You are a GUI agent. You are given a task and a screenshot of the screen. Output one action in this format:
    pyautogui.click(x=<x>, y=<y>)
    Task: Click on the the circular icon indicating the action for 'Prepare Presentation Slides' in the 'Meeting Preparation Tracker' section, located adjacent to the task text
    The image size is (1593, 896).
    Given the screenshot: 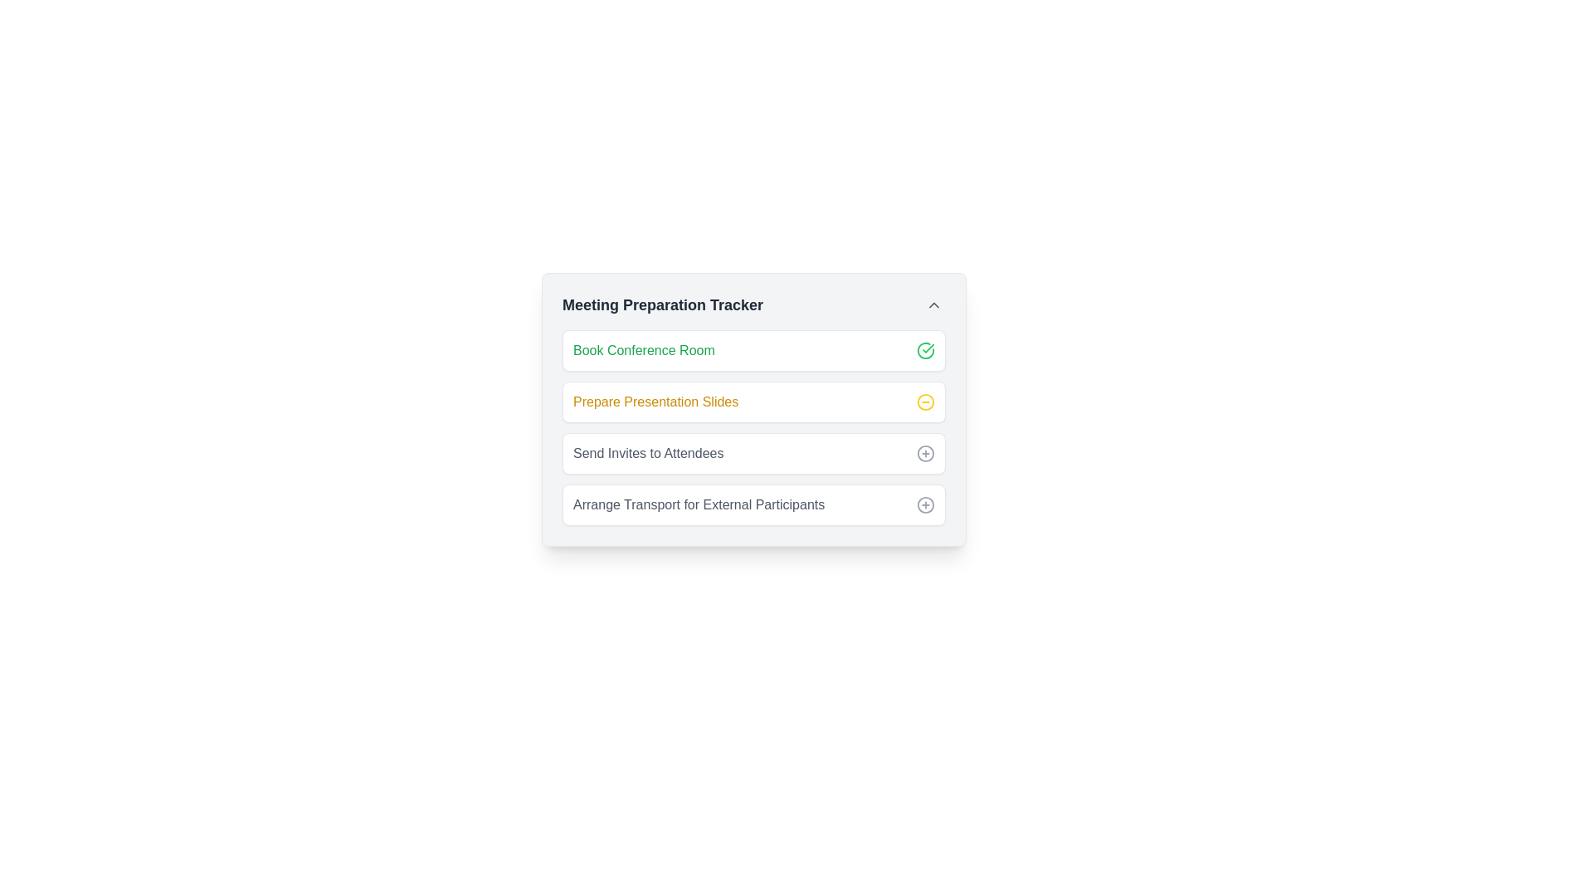 What is the action you would take?
    pyautogui.click(x=925, y=402)
    